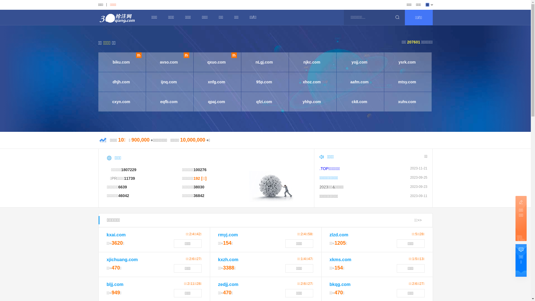  What do you see at coordinates (244, 102) in the screenshot?
I see `'qfzi.com'` at bounding box center [244, 102].